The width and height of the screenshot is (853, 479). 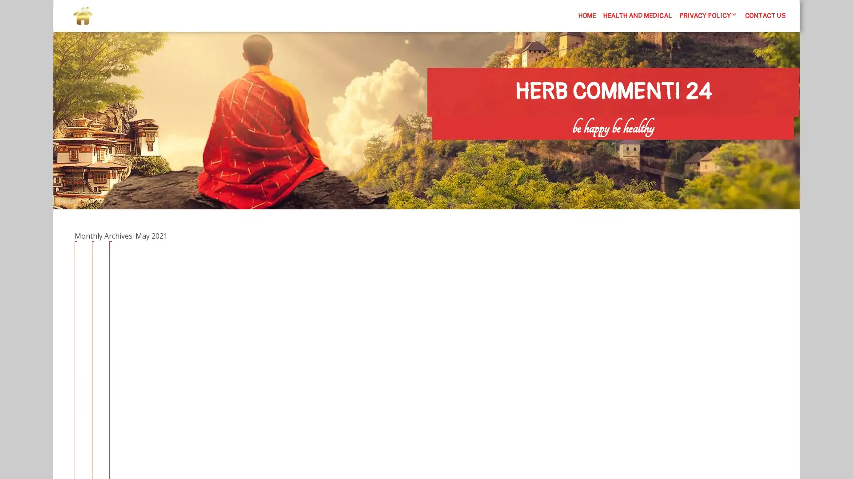 What do you see at coordinates (692, 145) in the screenshot?
I see `Search` at bounding box center [692, 145].